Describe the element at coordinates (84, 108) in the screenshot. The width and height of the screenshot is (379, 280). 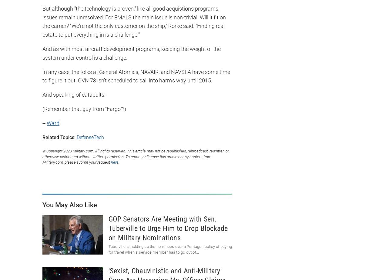
I see `'(Remember that guy from "Fargo"?)'` at that location.